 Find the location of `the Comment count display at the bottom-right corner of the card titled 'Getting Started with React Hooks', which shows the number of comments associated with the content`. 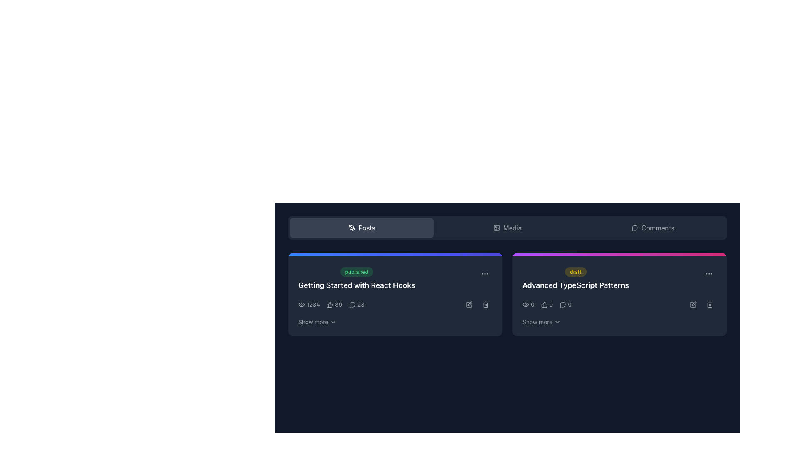

the Comment count display at the bottom-right corner of the card titled 'Getting Started with React Hooks', which shows the number of comments associated with the content is located at coordinates (357, 305).